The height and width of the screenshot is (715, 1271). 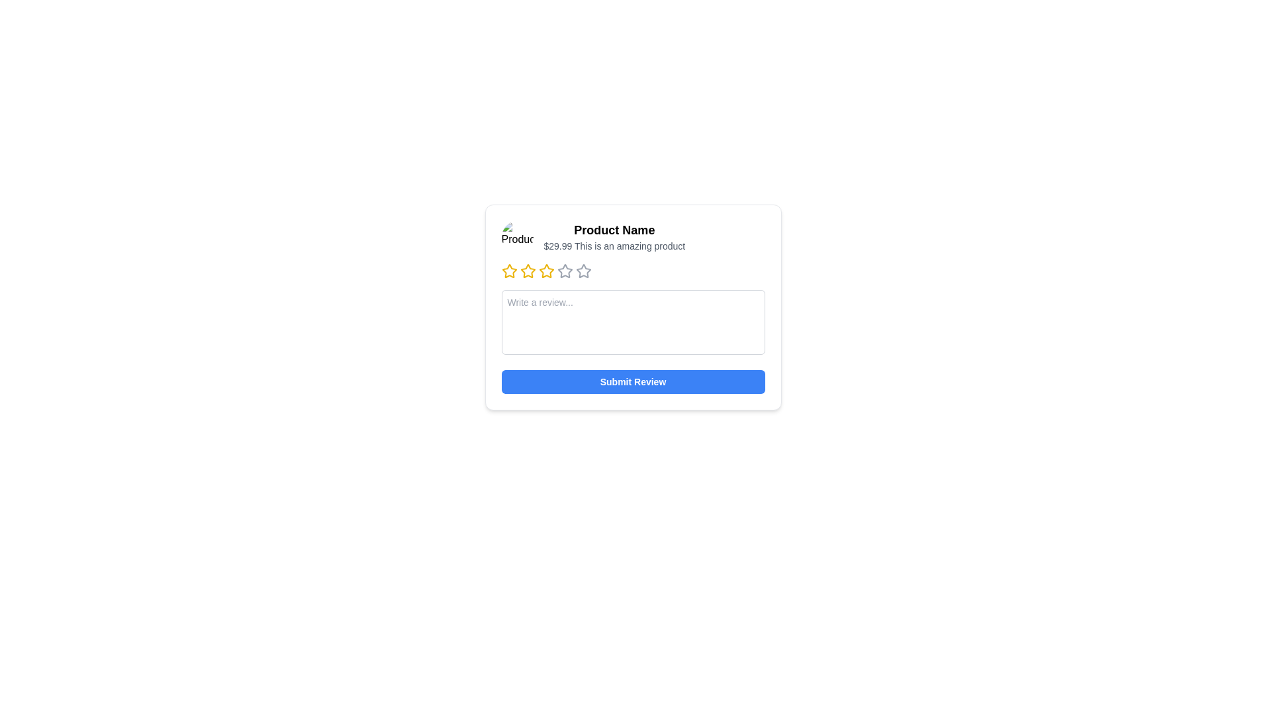 I want to click on the blue button labeled 'Submit Review' located at the bottom of the review panel, so click(x=632, y=382).